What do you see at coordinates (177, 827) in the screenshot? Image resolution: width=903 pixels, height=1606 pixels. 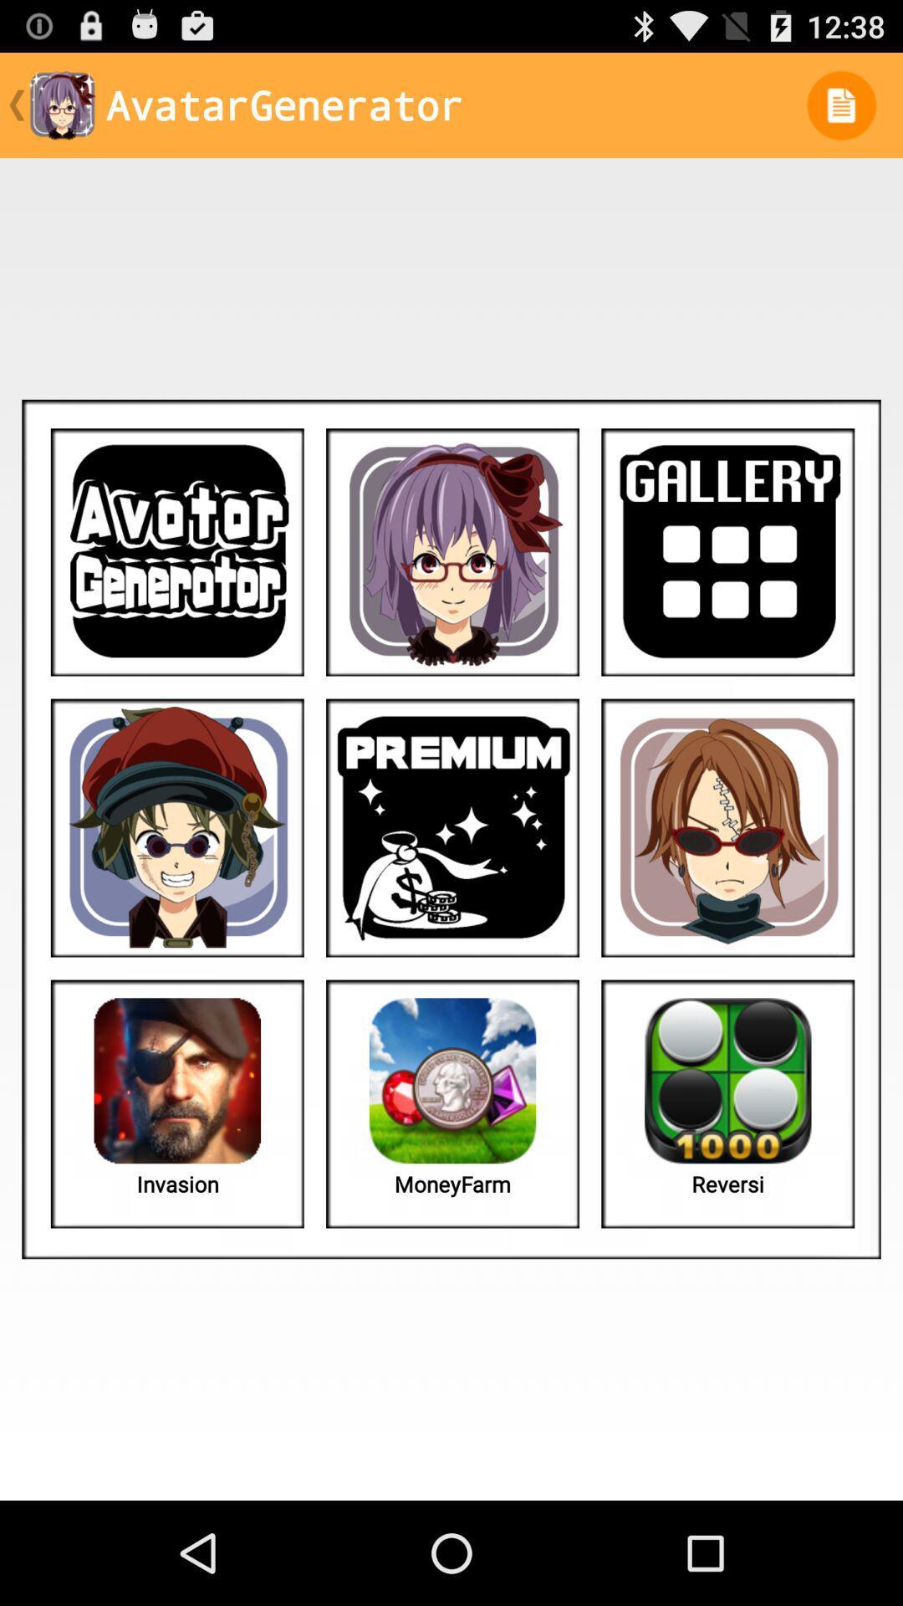 I see `choose an avatar` at bounding box center [177, 827].